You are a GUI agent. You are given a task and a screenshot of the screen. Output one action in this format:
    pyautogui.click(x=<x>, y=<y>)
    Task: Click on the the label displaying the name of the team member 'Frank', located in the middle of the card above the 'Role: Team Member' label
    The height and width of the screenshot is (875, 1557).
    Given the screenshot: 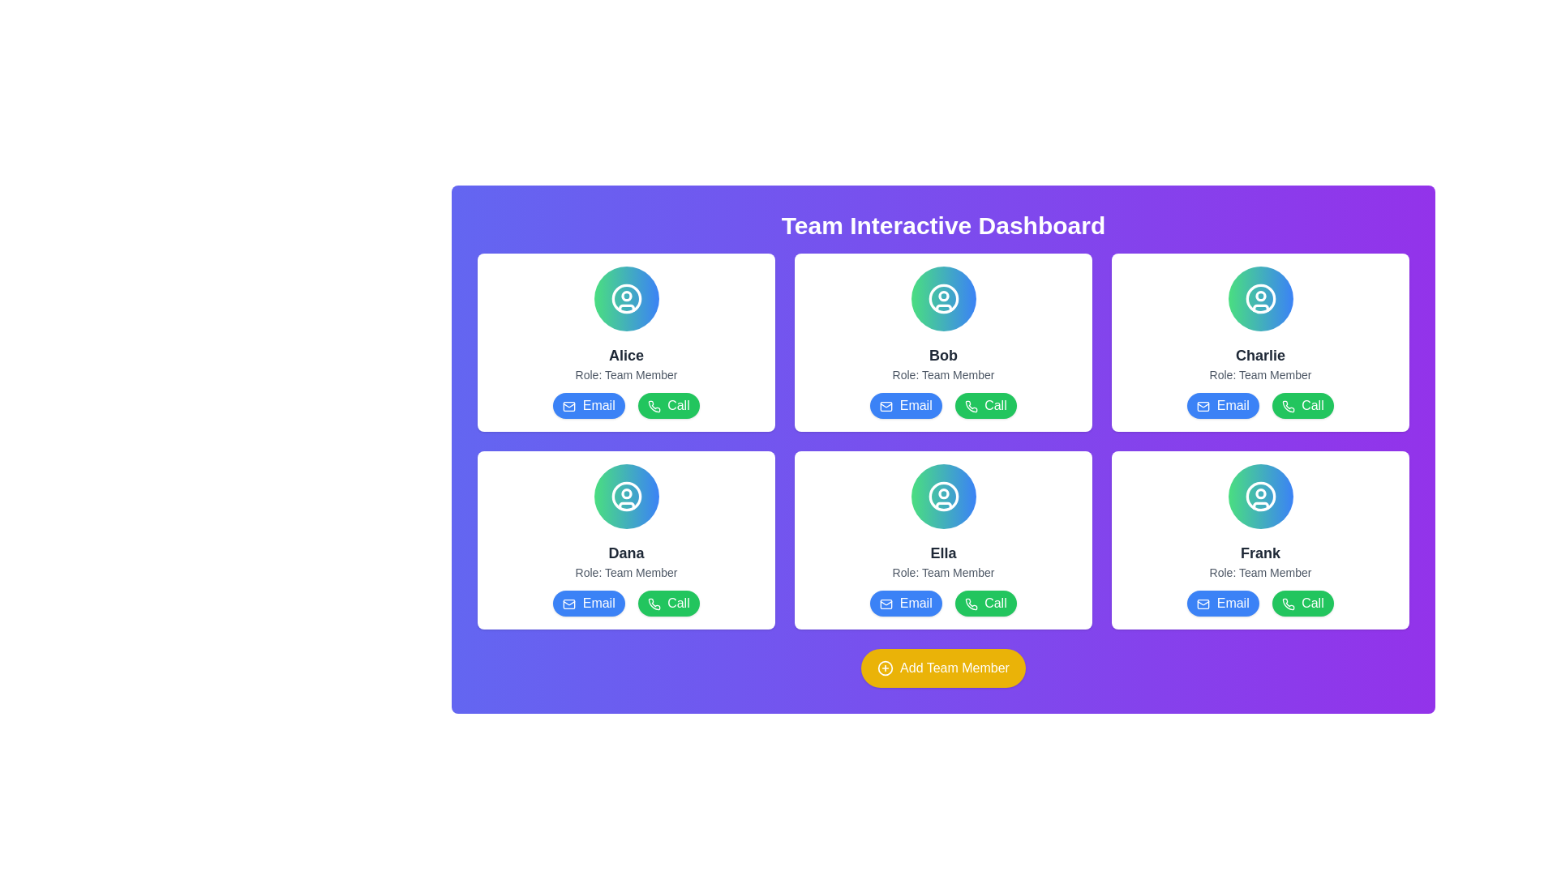 What is the action you would take?
    pyautogui.click(x=1259, y=552)
    